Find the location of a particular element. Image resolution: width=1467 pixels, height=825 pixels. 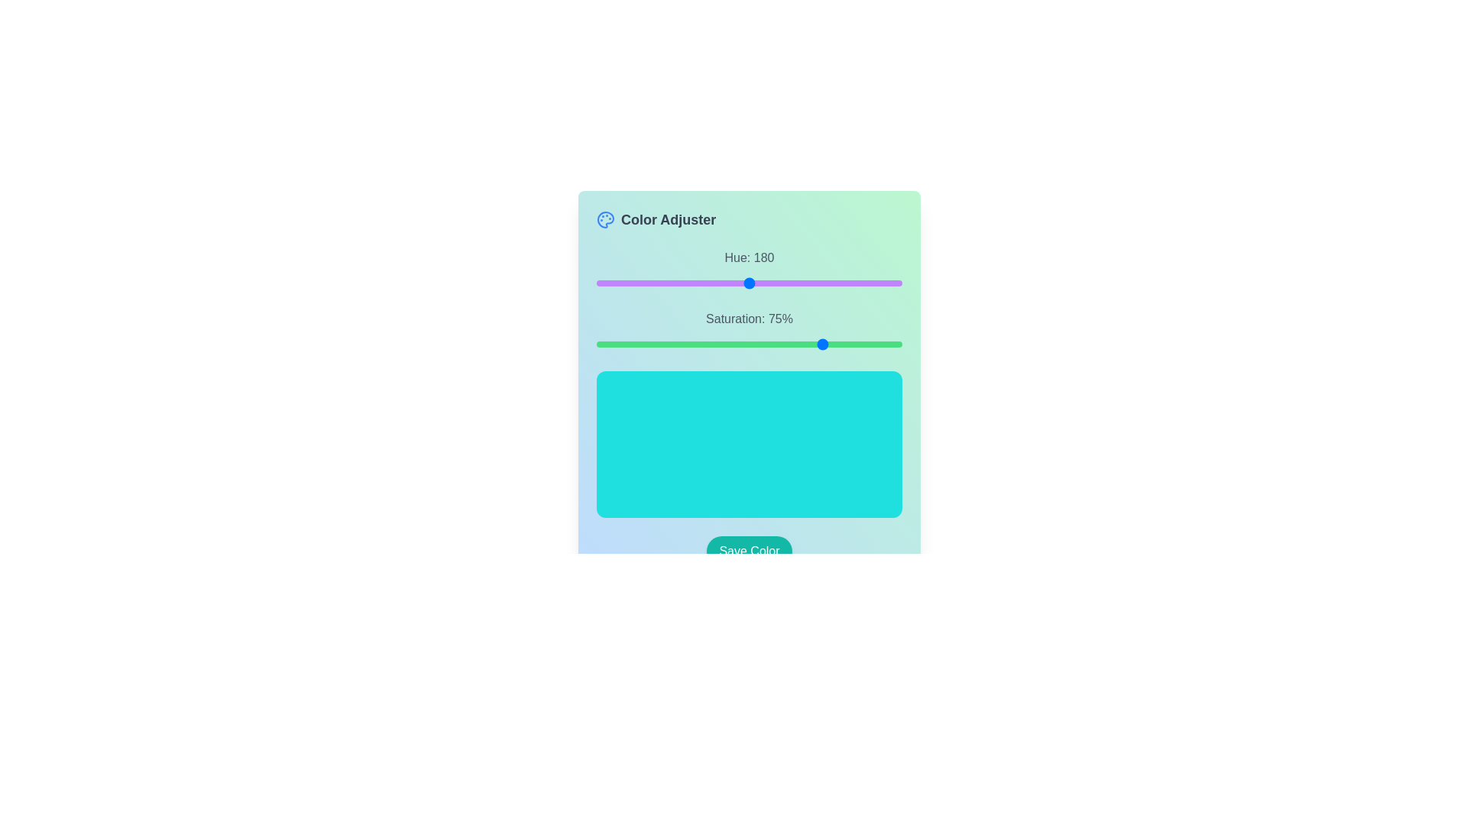

the decorative icon representing the color adjustment feature located at the top-left corner of the interface next to the 'Color Adjuster' label is located at coordinates (604, 220).